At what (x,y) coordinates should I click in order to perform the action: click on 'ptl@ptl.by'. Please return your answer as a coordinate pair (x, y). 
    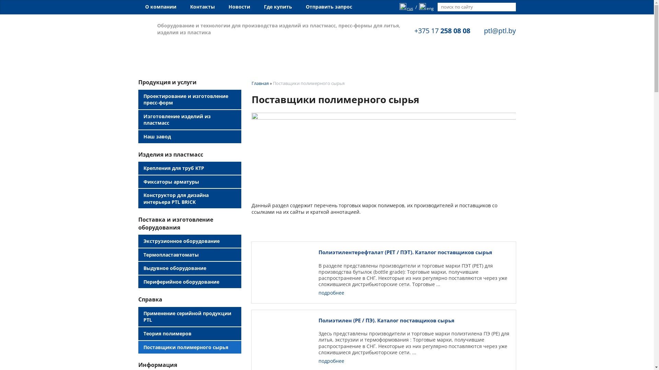
    Looking at the image, I should click on (500, 30).